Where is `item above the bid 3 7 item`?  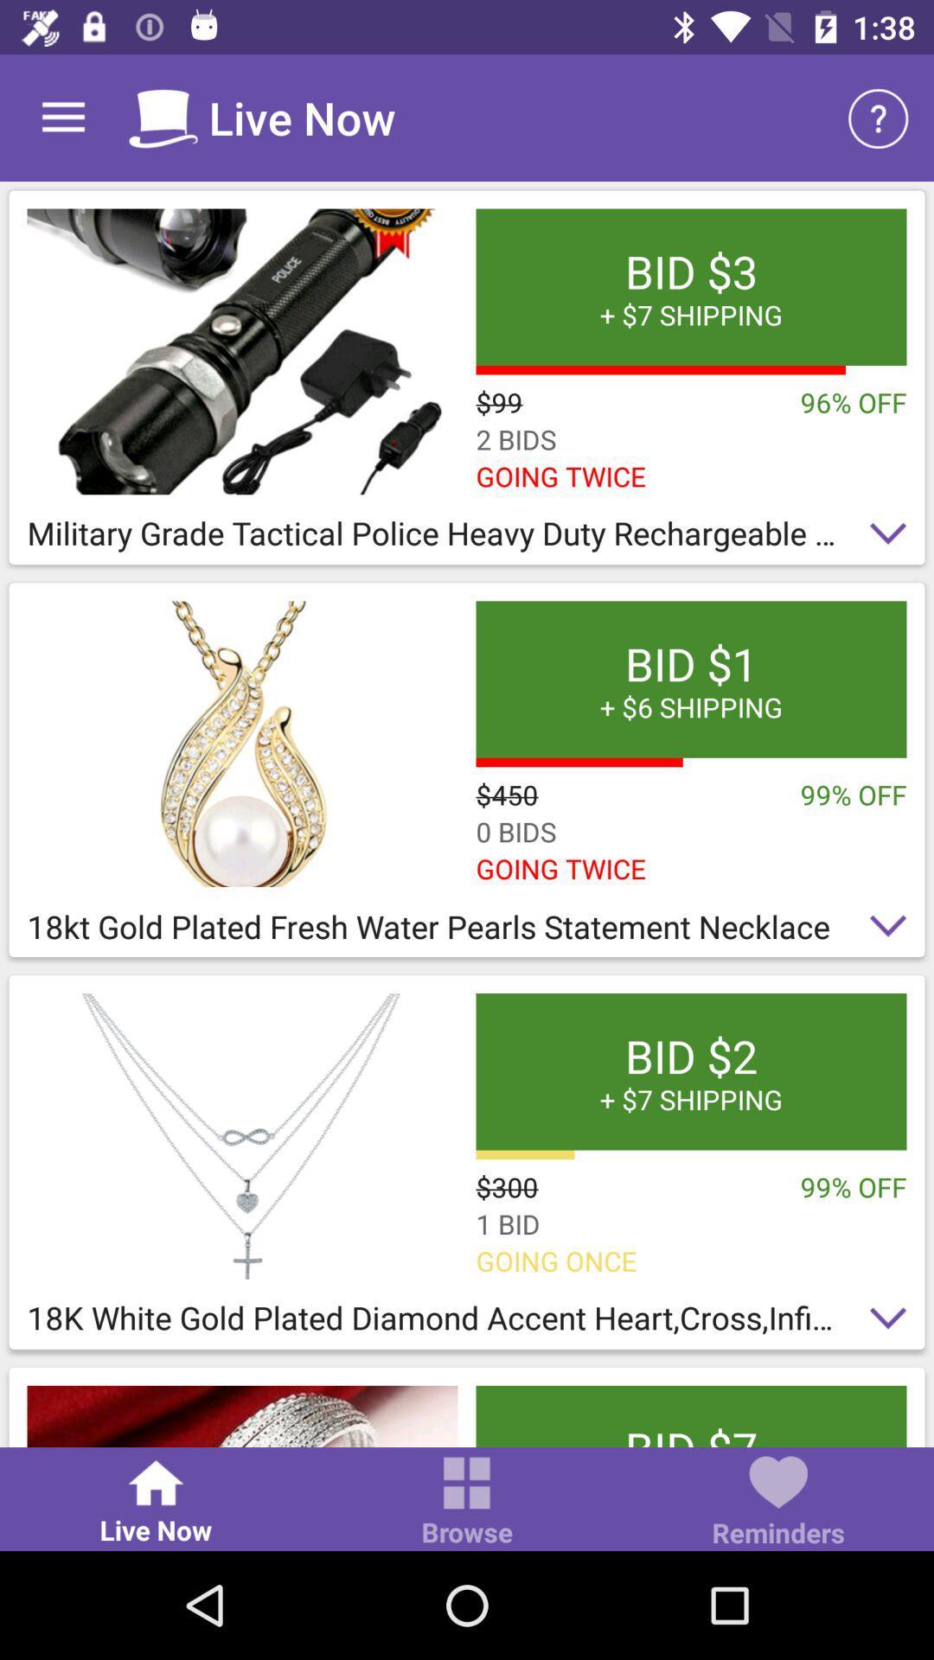
item above the bid 3 7 item is located at coordinates (880, 117).